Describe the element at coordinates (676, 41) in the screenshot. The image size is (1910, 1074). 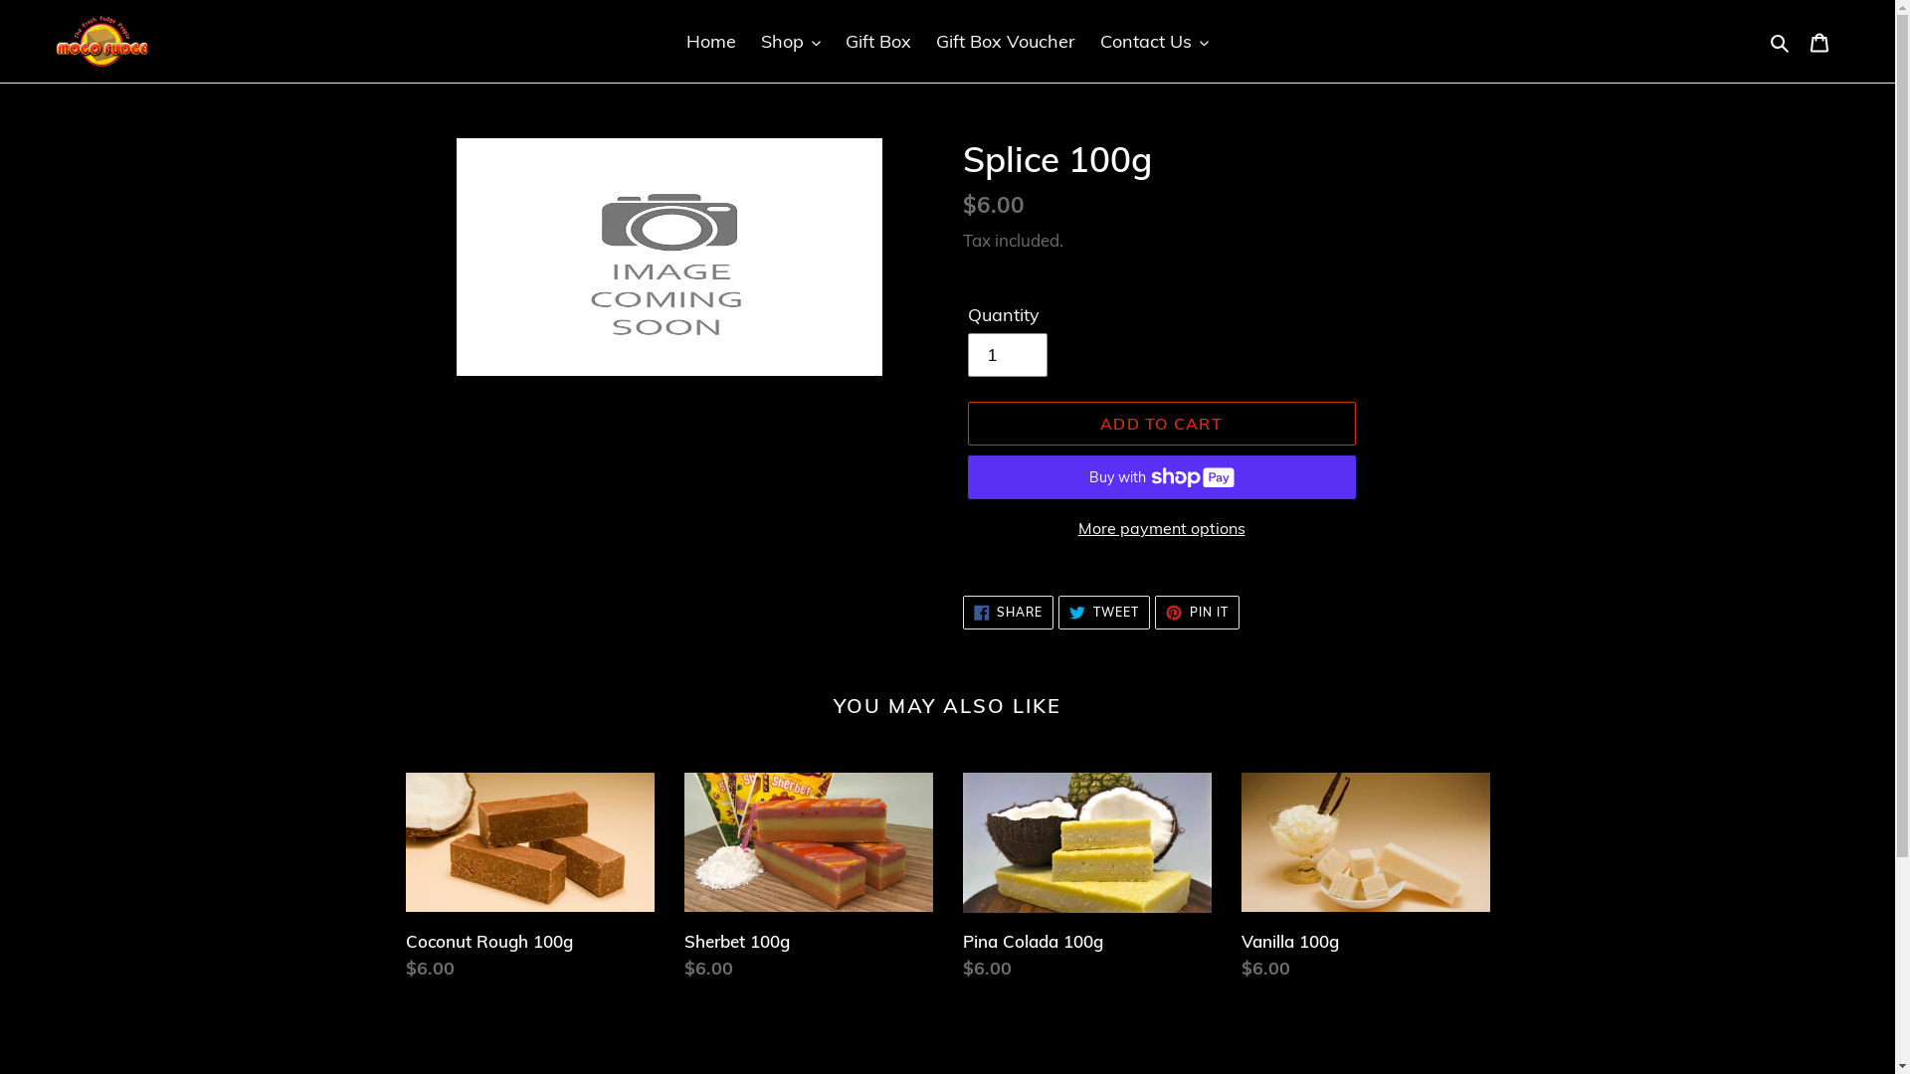
I see `'Home'` at that location.